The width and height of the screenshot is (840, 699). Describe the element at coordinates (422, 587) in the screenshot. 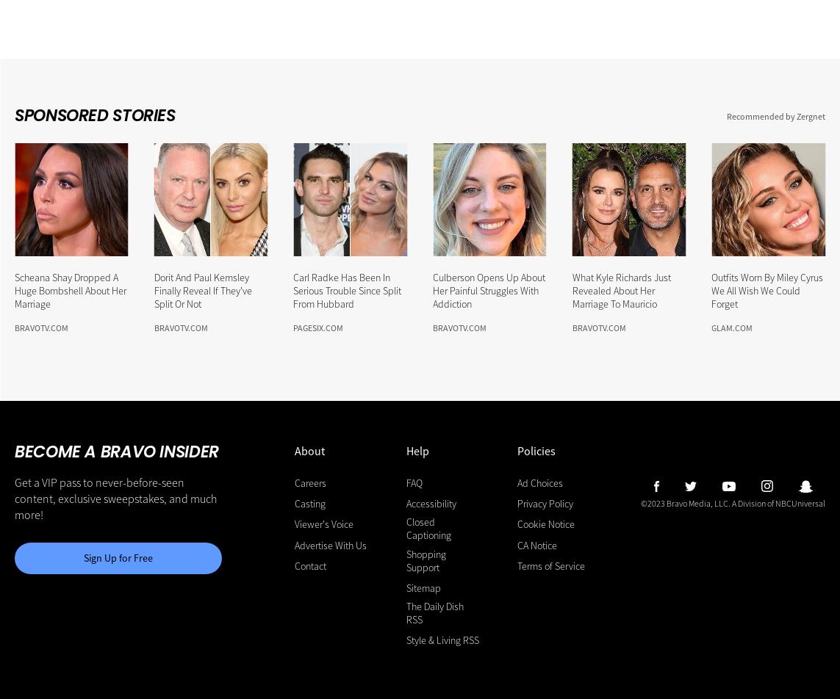

I see `'Sitemap'` at that location.